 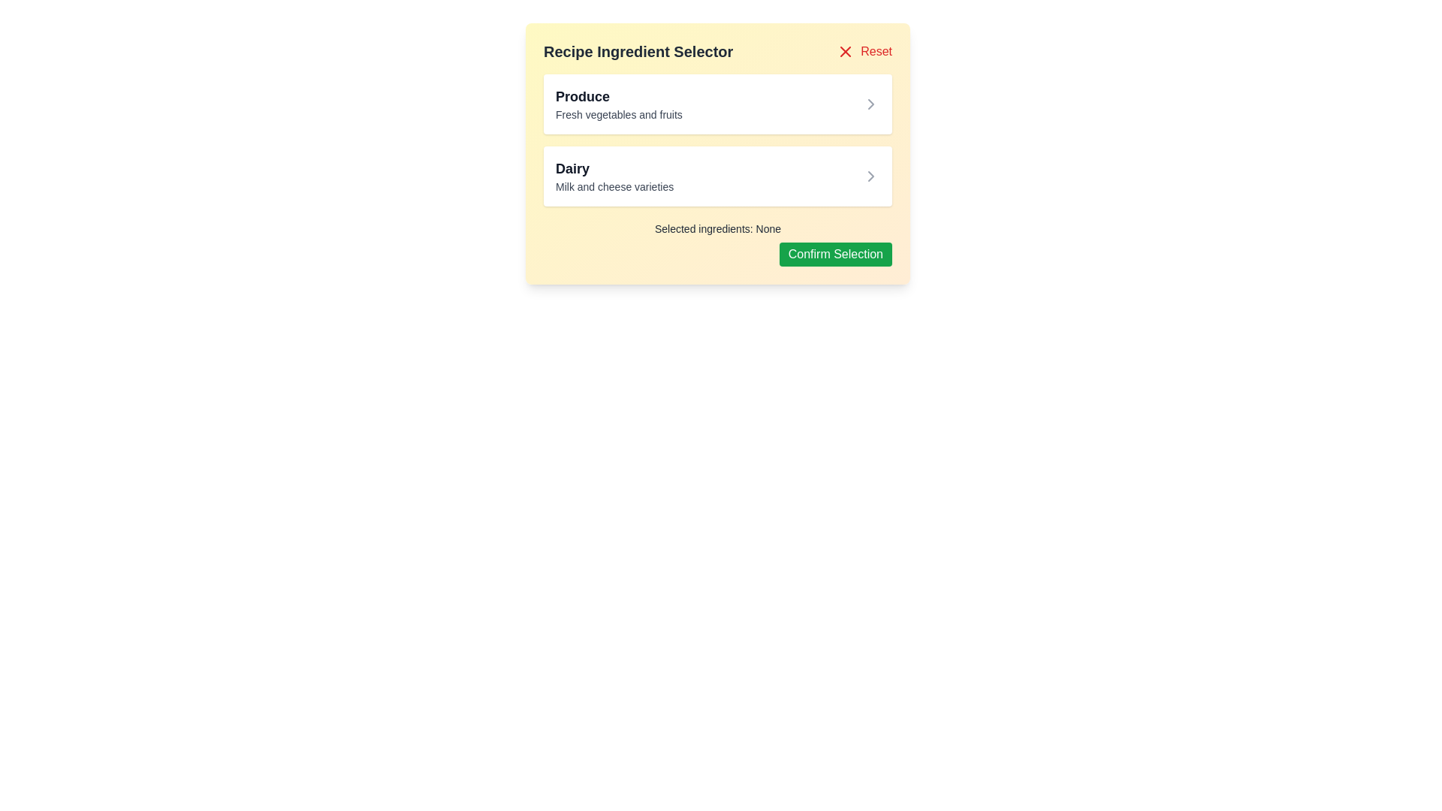 I want to click on the 'Produce' icon located at the far-right end of the 'Produce' section, so click(x=871, y=103).